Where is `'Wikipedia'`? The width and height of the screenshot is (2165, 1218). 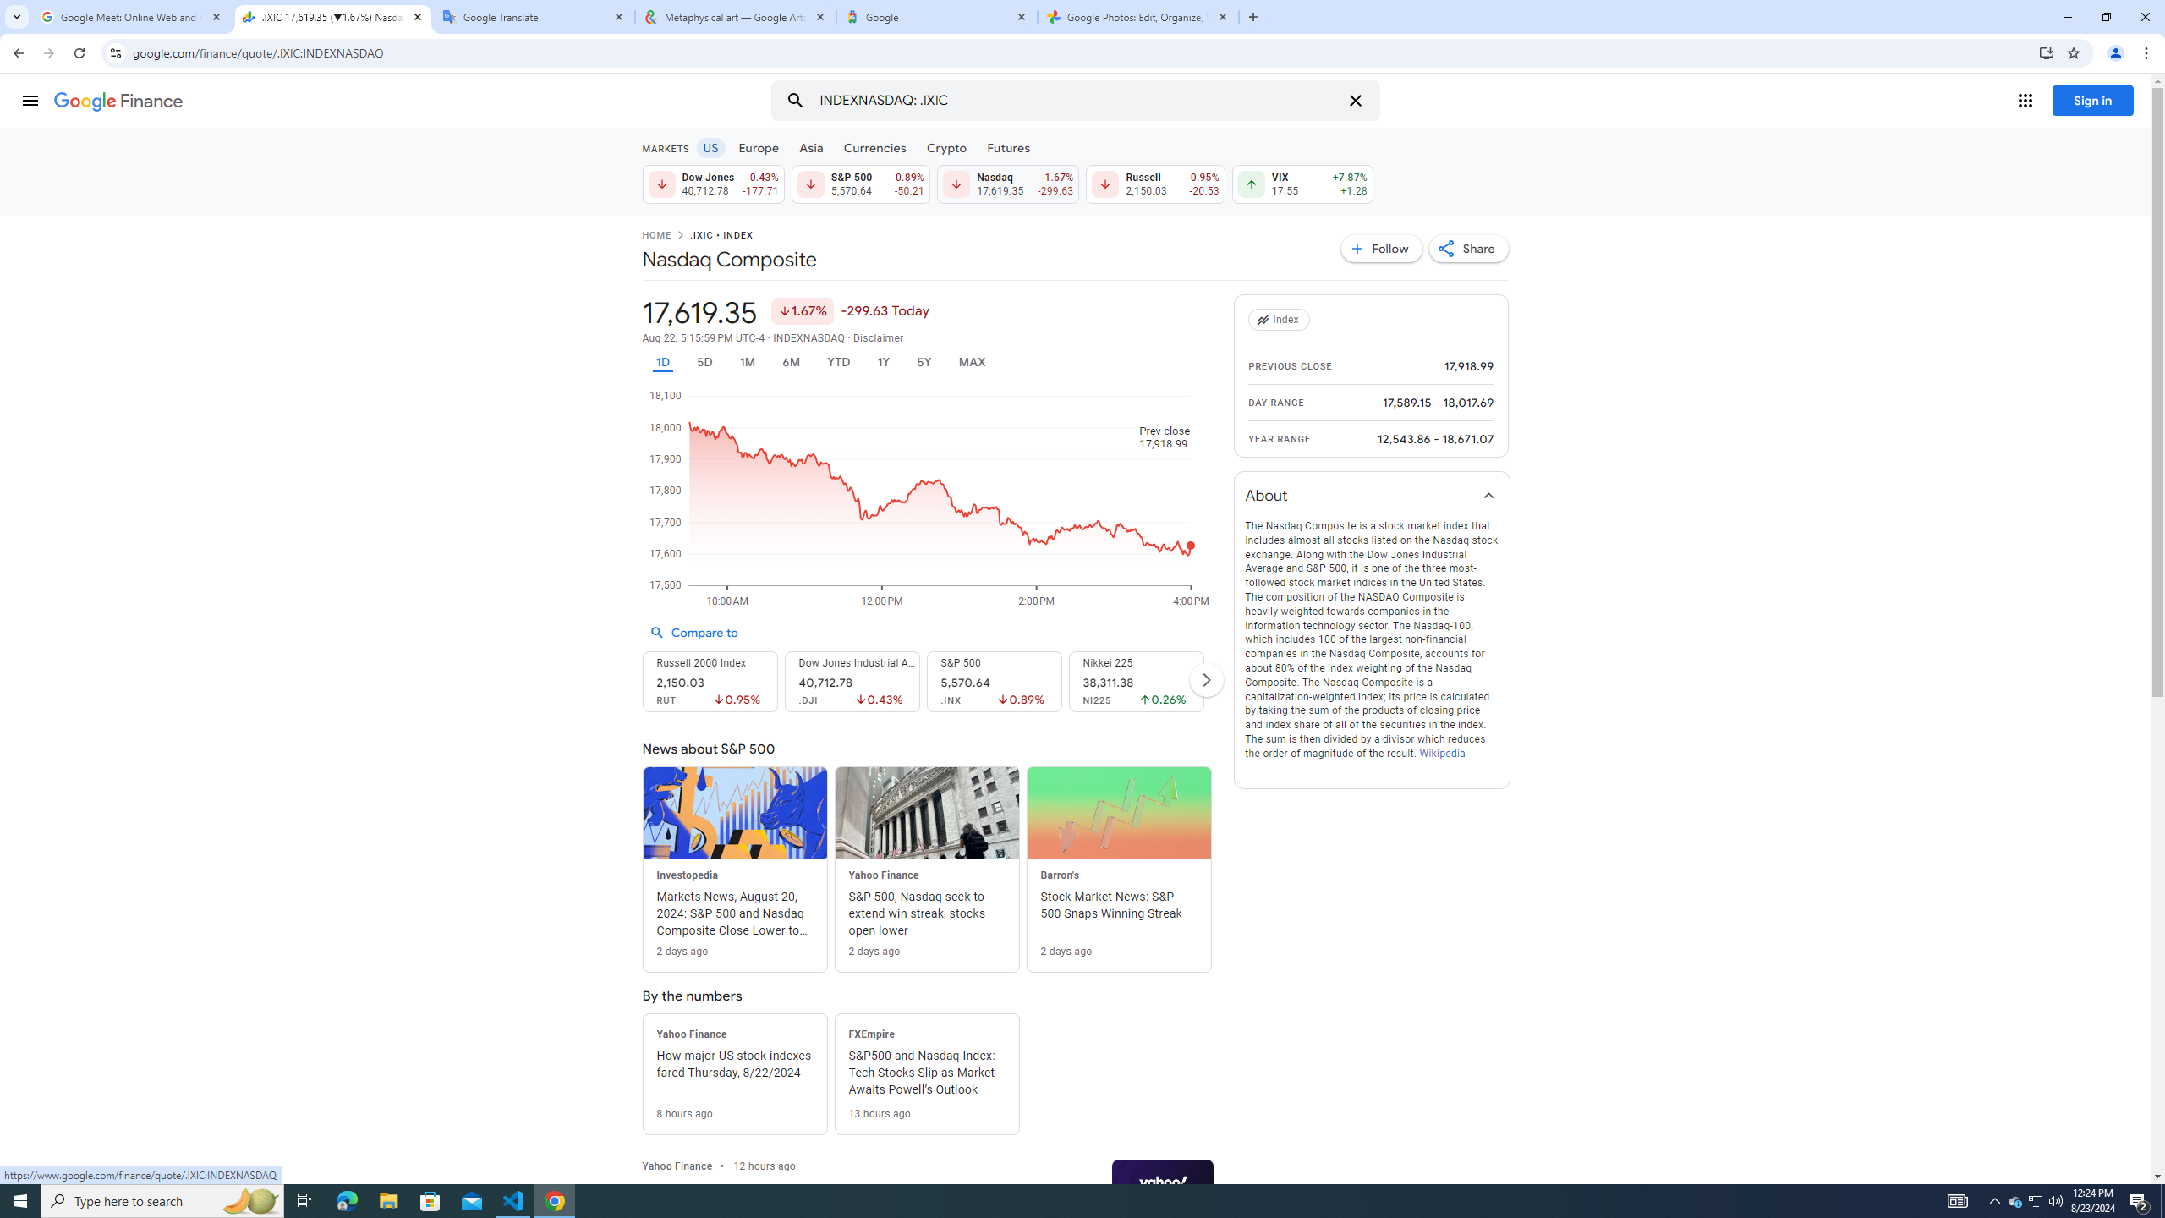 'Wikipedia' is located at coordinates (1440, 752).